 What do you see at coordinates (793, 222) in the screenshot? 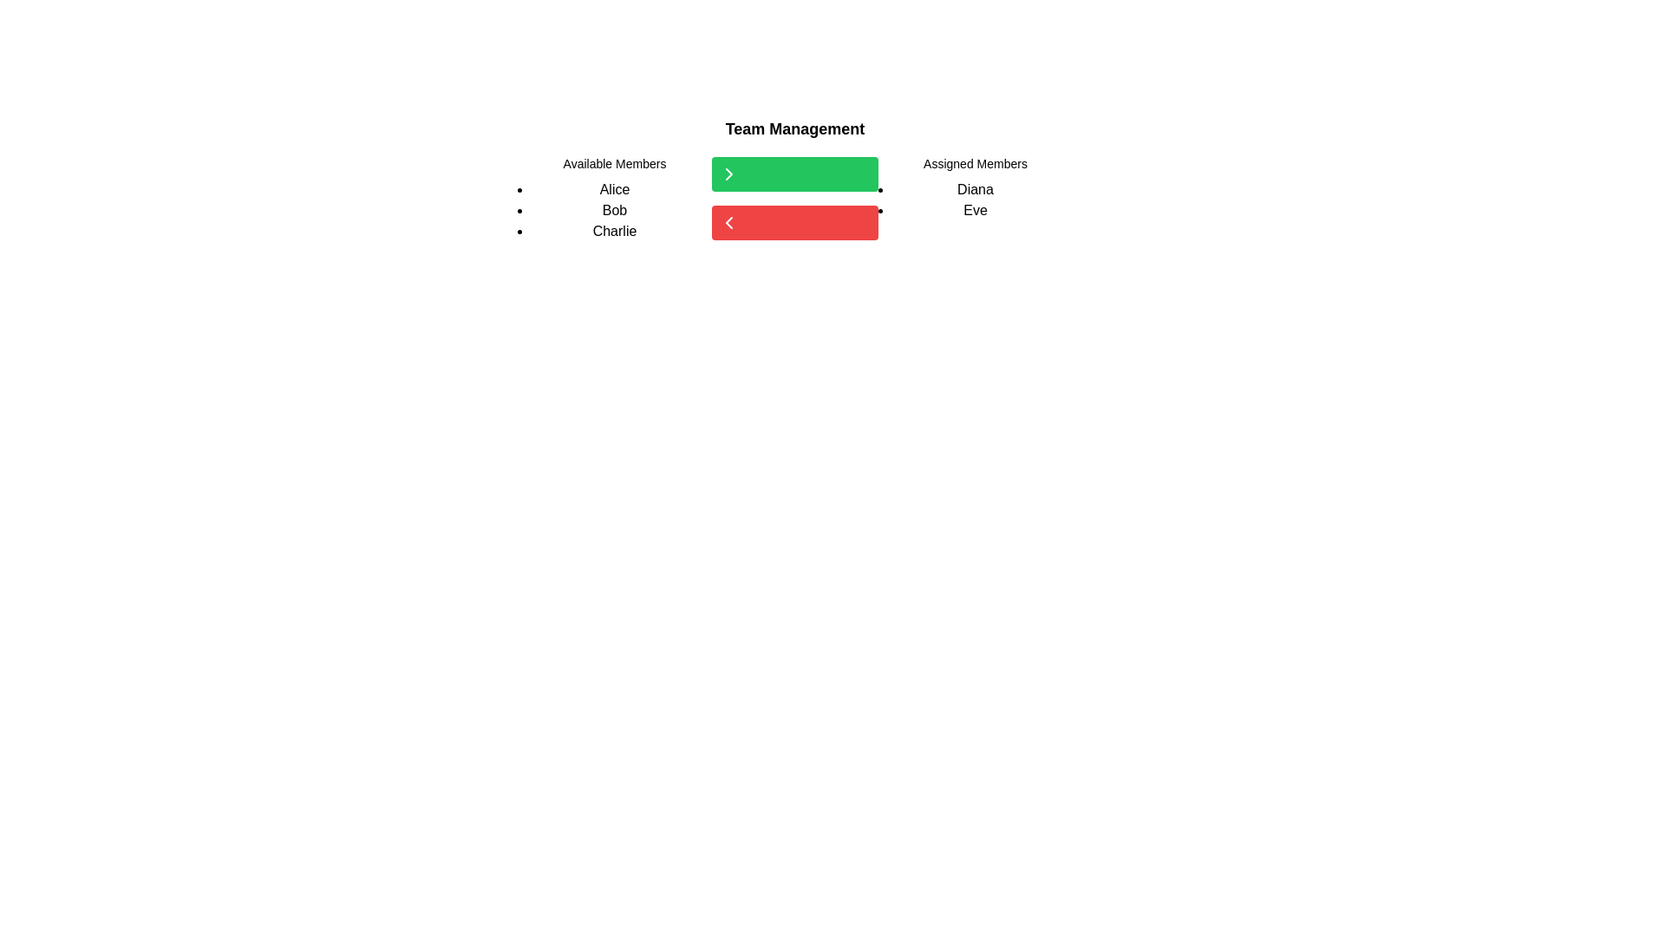
I see `the second button in the interface, located below the green button` at bounding box center [793, 222].